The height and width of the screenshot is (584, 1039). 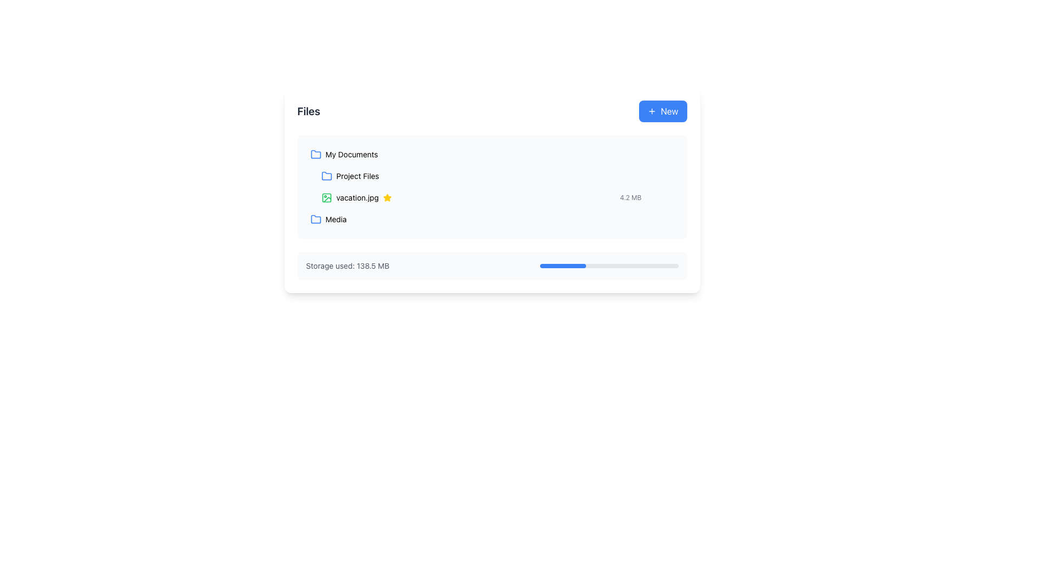 What do you see at coordinates (652, 198) in the screenshot?
I see `the download button located to the right of the file size "4.2 MB" for the file "vacation.jpg" to initiate the download` at bounding box center [652, 198].